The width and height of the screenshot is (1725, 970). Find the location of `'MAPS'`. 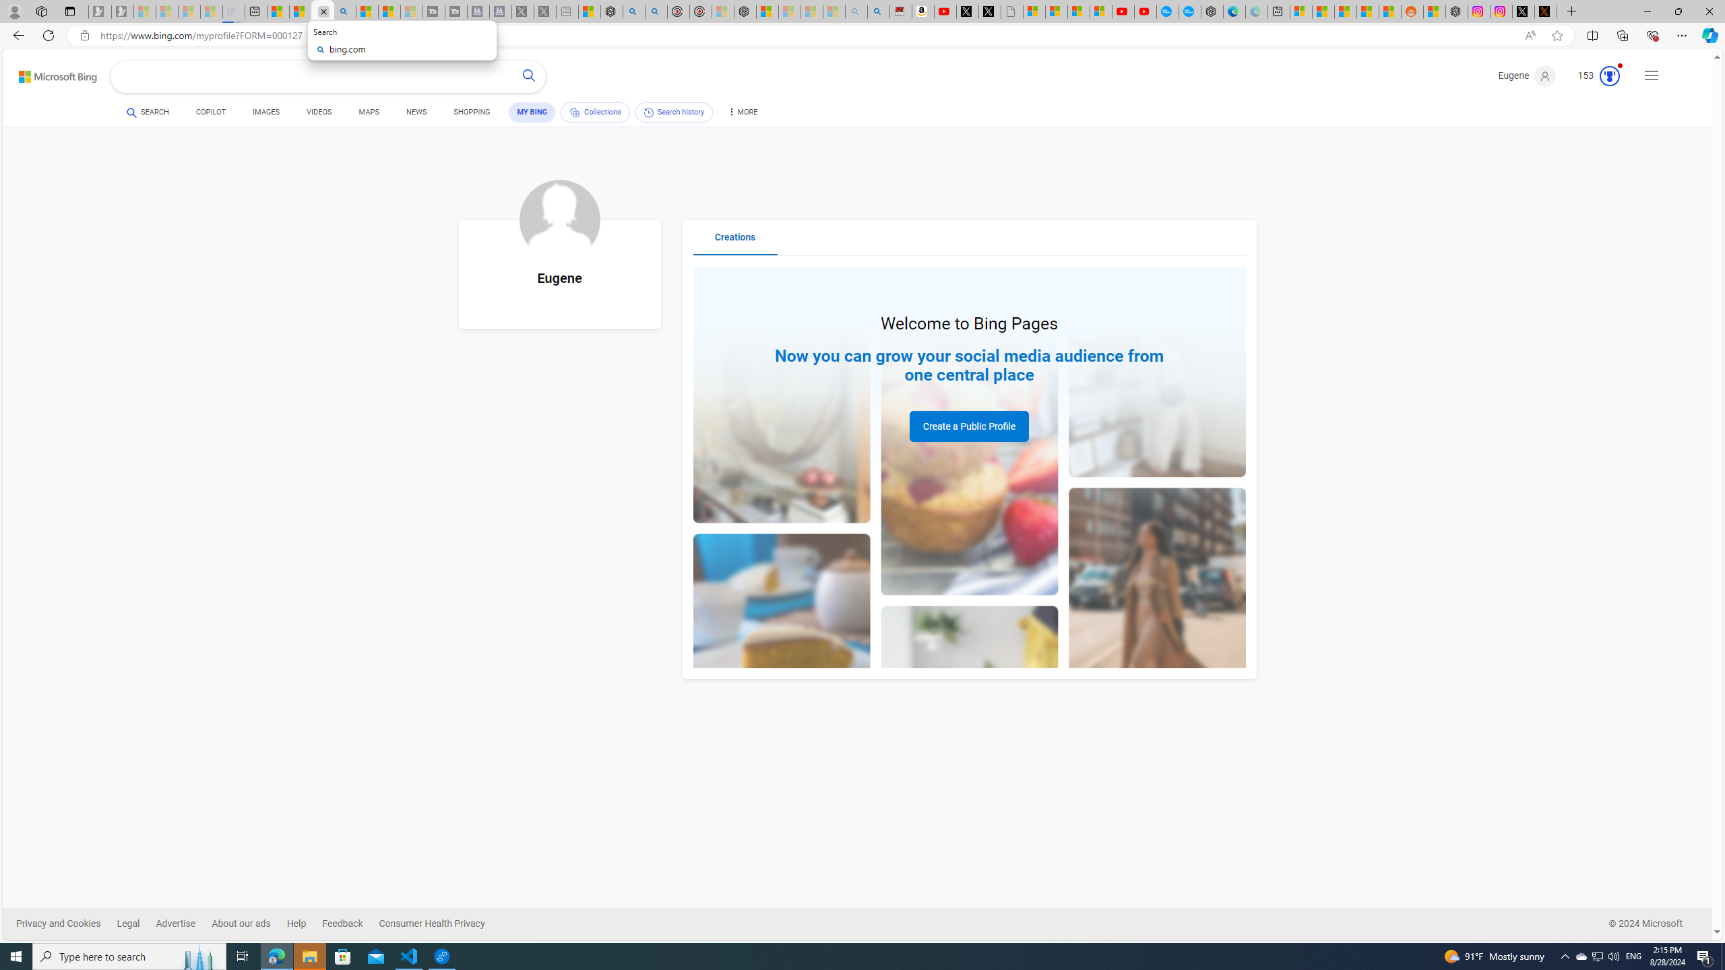

'MAPS' is located at coordinates (368, 113).